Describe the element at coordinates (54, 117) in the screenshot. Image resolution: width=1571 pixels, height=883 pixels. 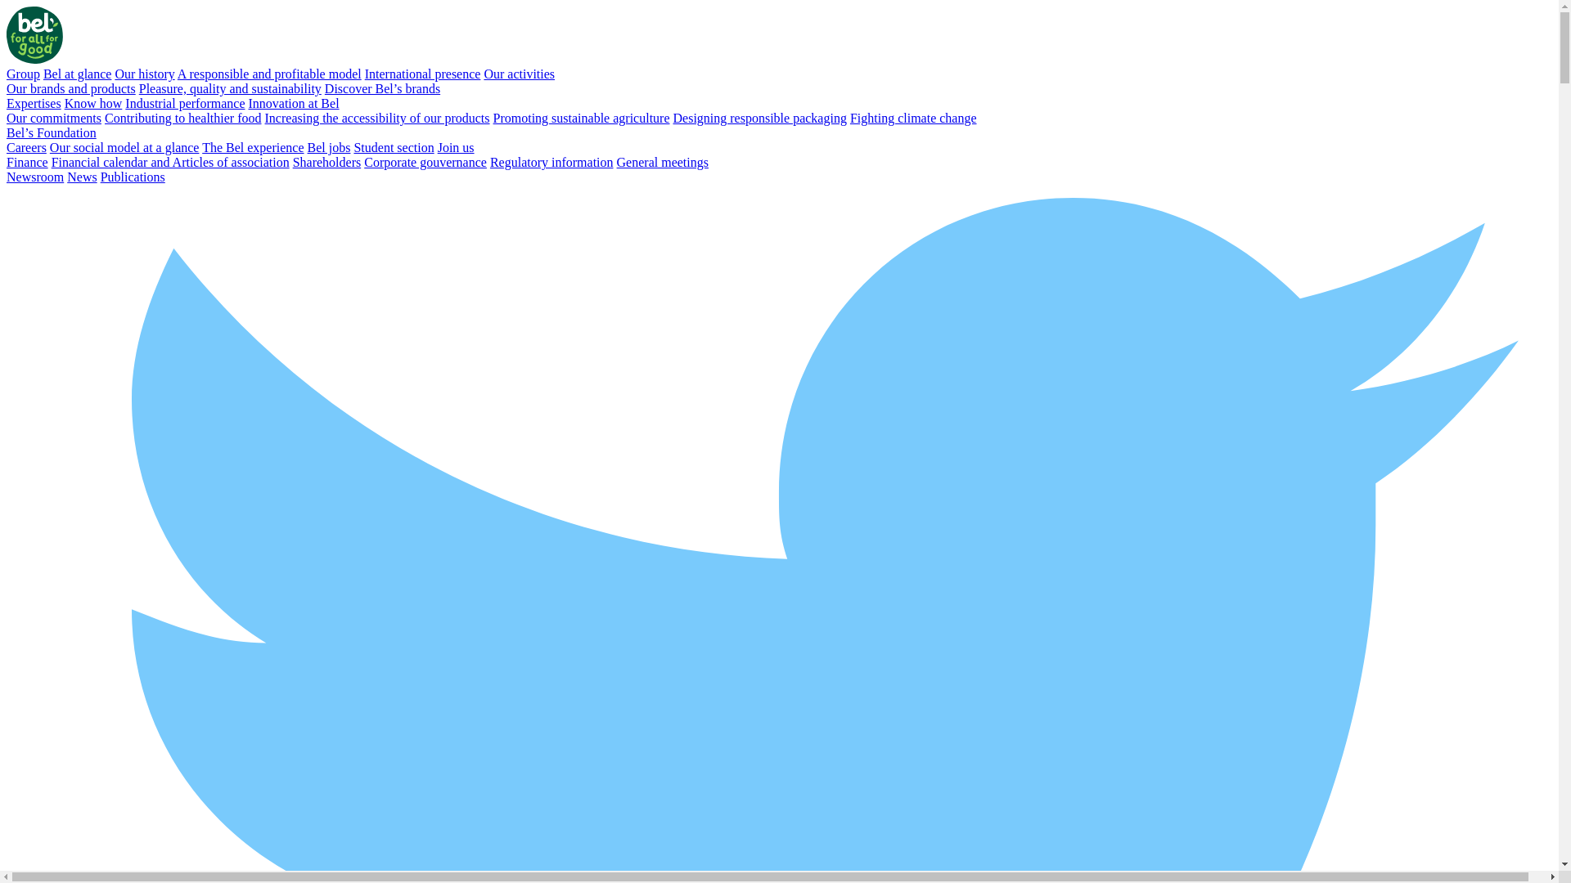
I see `'Our commitments'` at that location.